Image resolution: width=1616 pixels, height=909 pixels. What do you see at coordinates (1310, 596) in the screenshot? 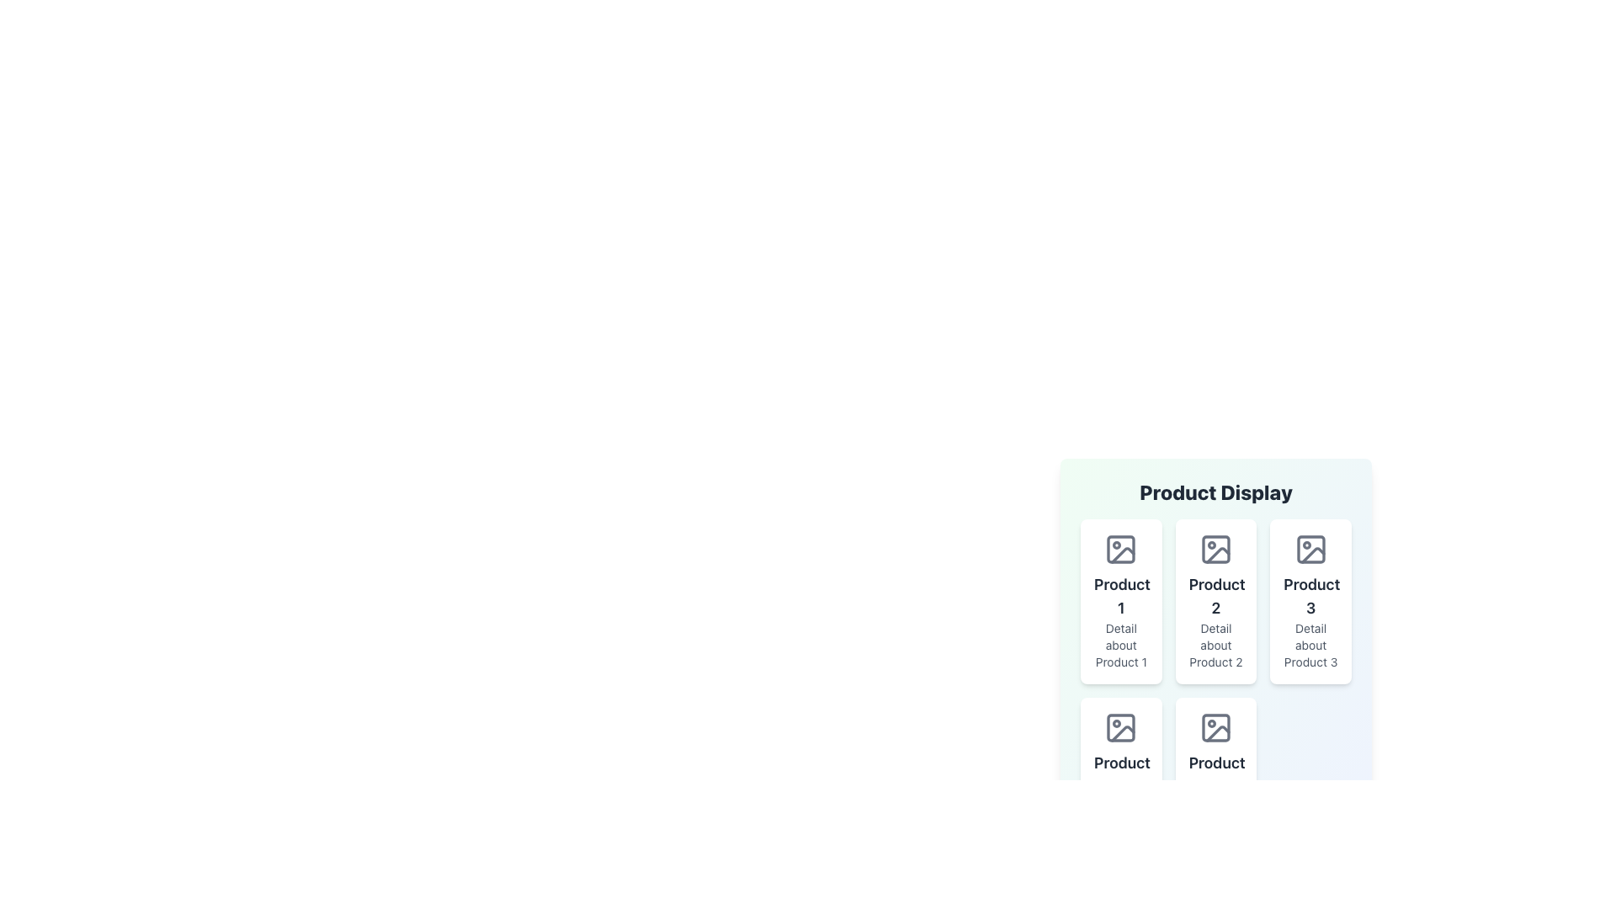
I see `title text 'Product 3' displayed in the top-right cell of the product card grid, which is styled to emphasize its significance as a title` at bounding box center [1310, 596].